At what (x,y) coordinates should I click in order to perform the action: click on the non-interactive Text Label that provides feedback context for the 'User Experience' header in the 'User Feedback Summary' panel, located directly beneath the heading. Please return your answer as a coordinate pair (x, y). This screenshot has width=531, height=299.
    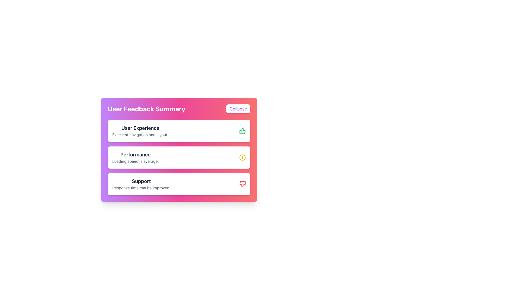
    Looking at the image, I should click on (140, 135).